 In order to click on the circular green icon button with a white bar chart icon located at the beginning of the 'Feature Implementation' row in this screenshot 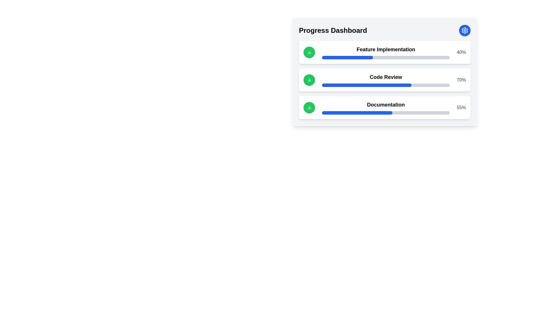, I will do `click(309, 52)`.